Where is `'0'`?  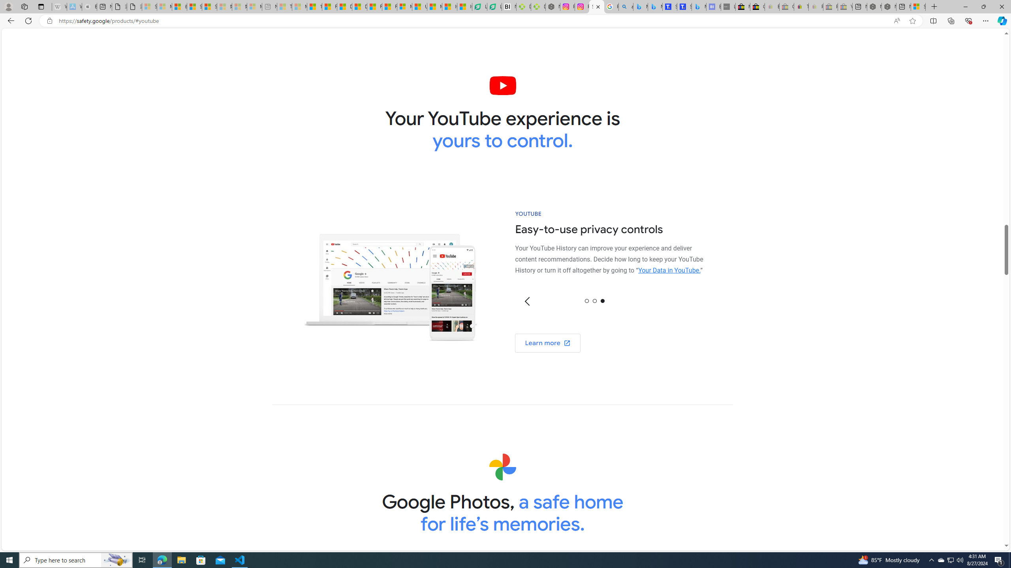 '0' is located at coordinates (586, 301).